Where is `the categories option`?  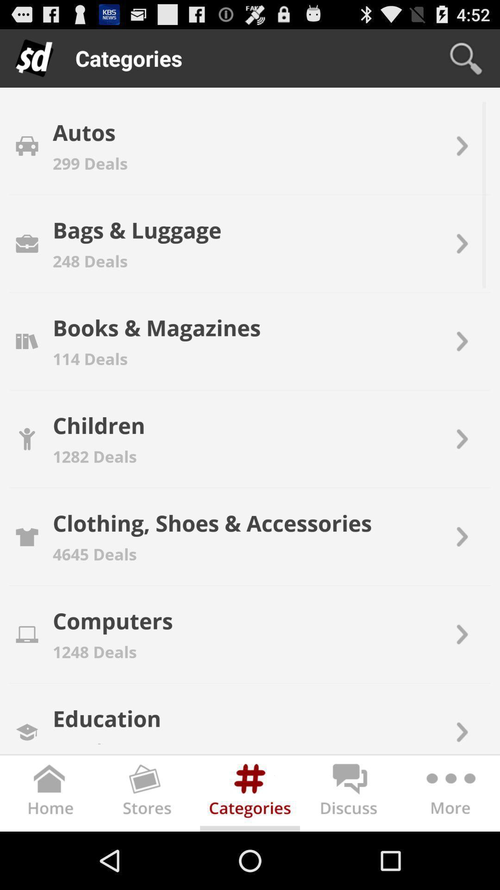
the categories option is located at coordinates (250, 795).